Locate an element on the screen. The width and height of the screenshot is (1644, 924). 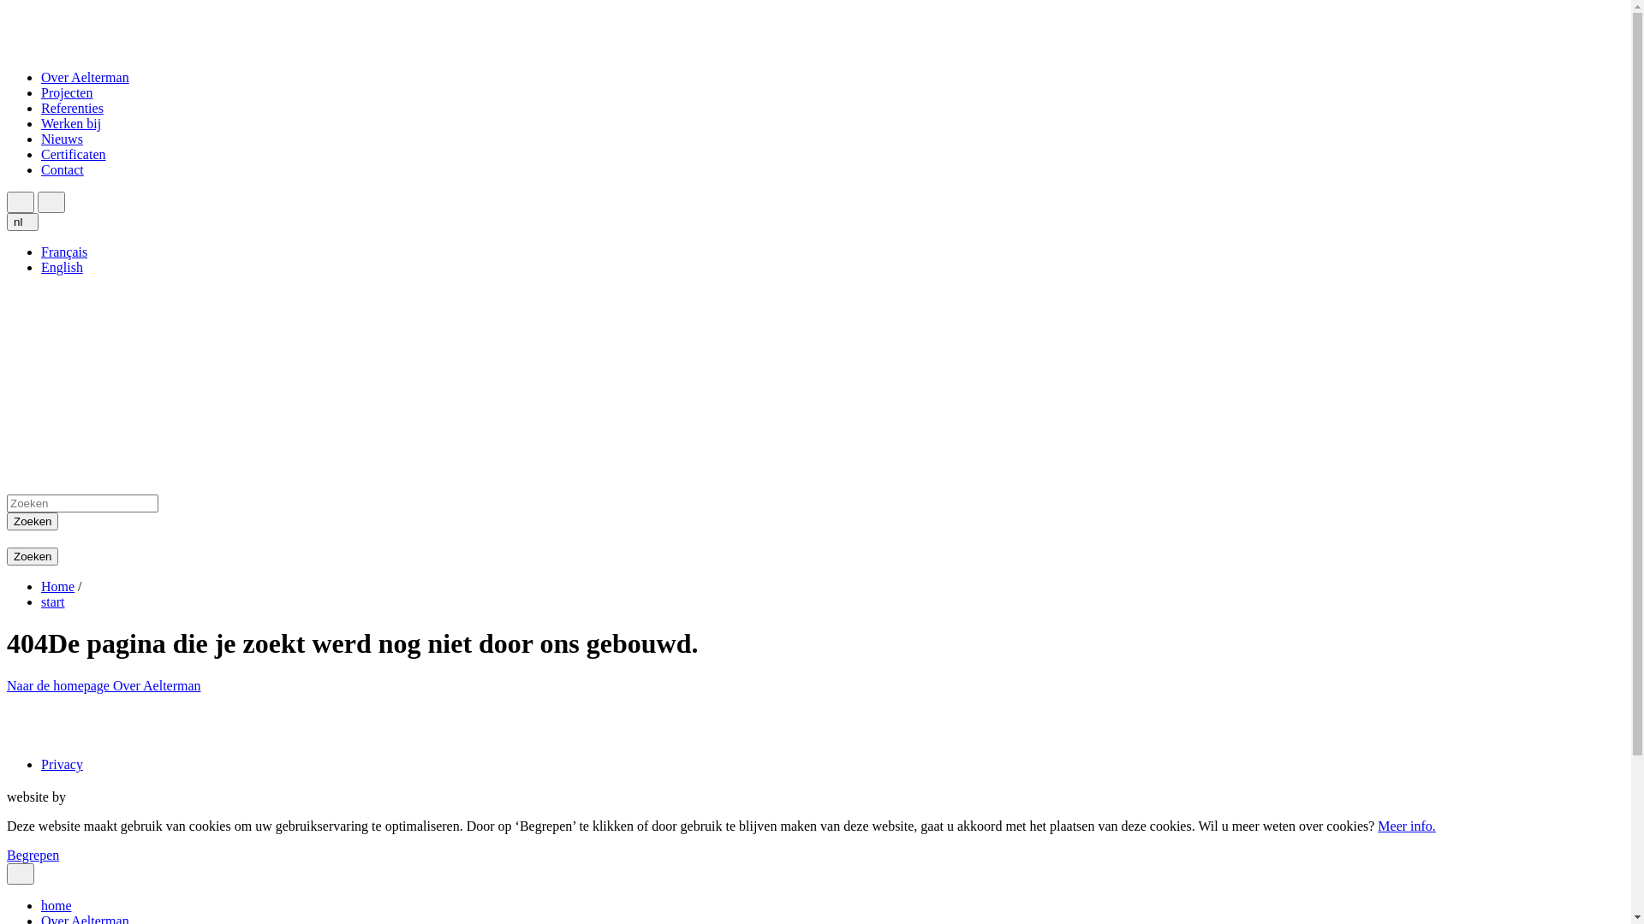
'start' is located at coordinates (53, 601).